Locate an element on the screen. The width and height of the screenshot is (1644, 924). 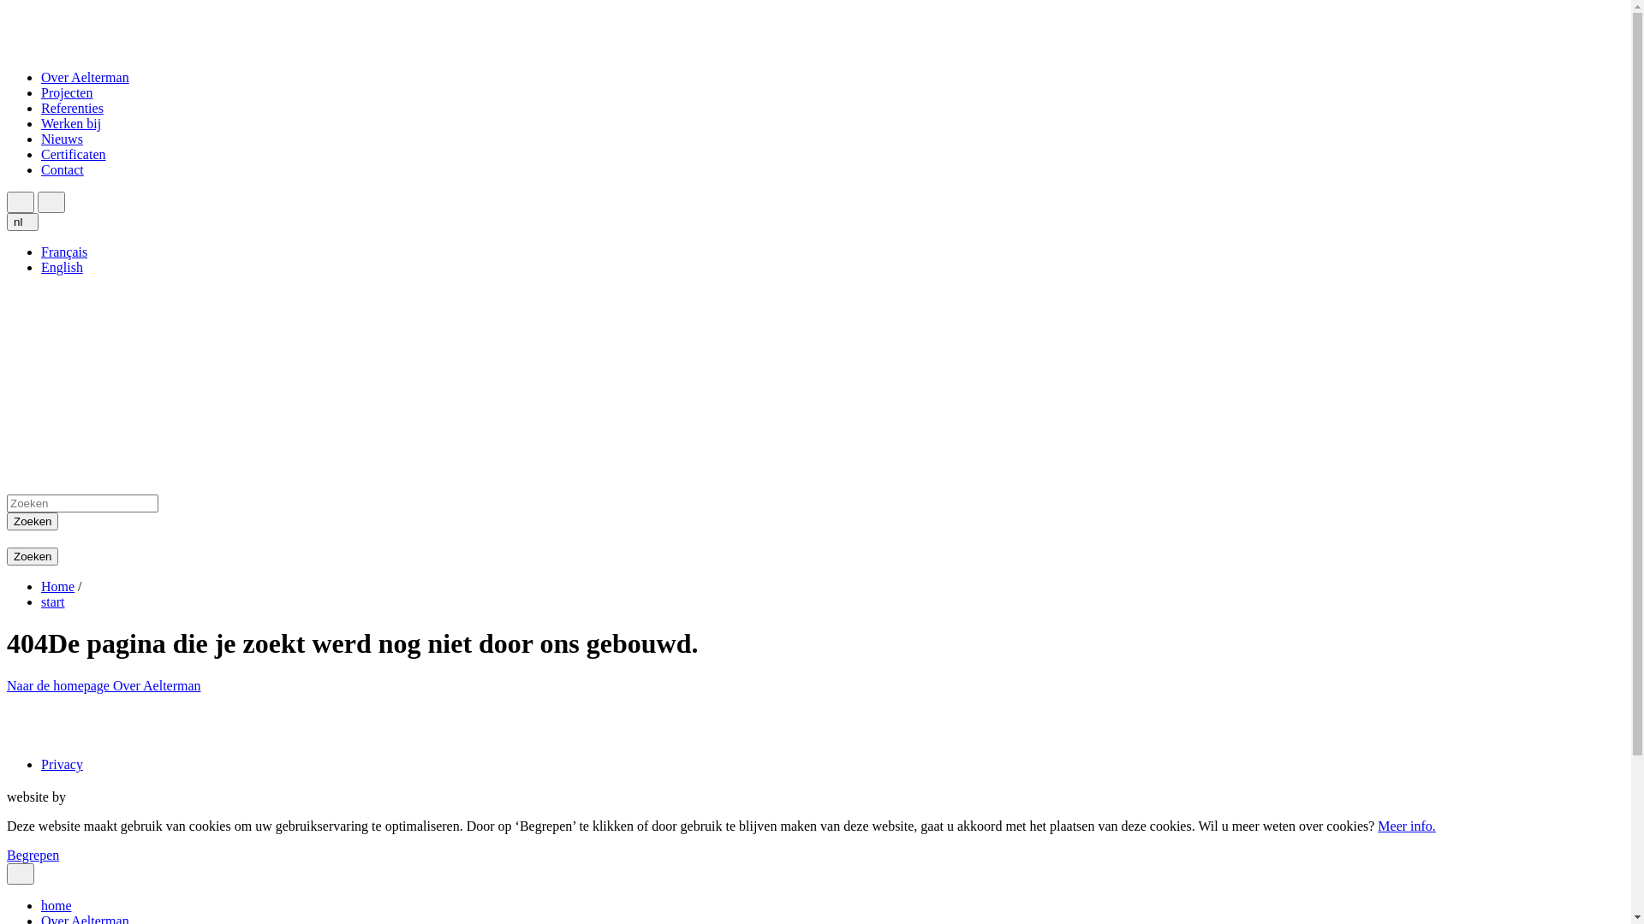
'start' is located at coordinates (53, 601).